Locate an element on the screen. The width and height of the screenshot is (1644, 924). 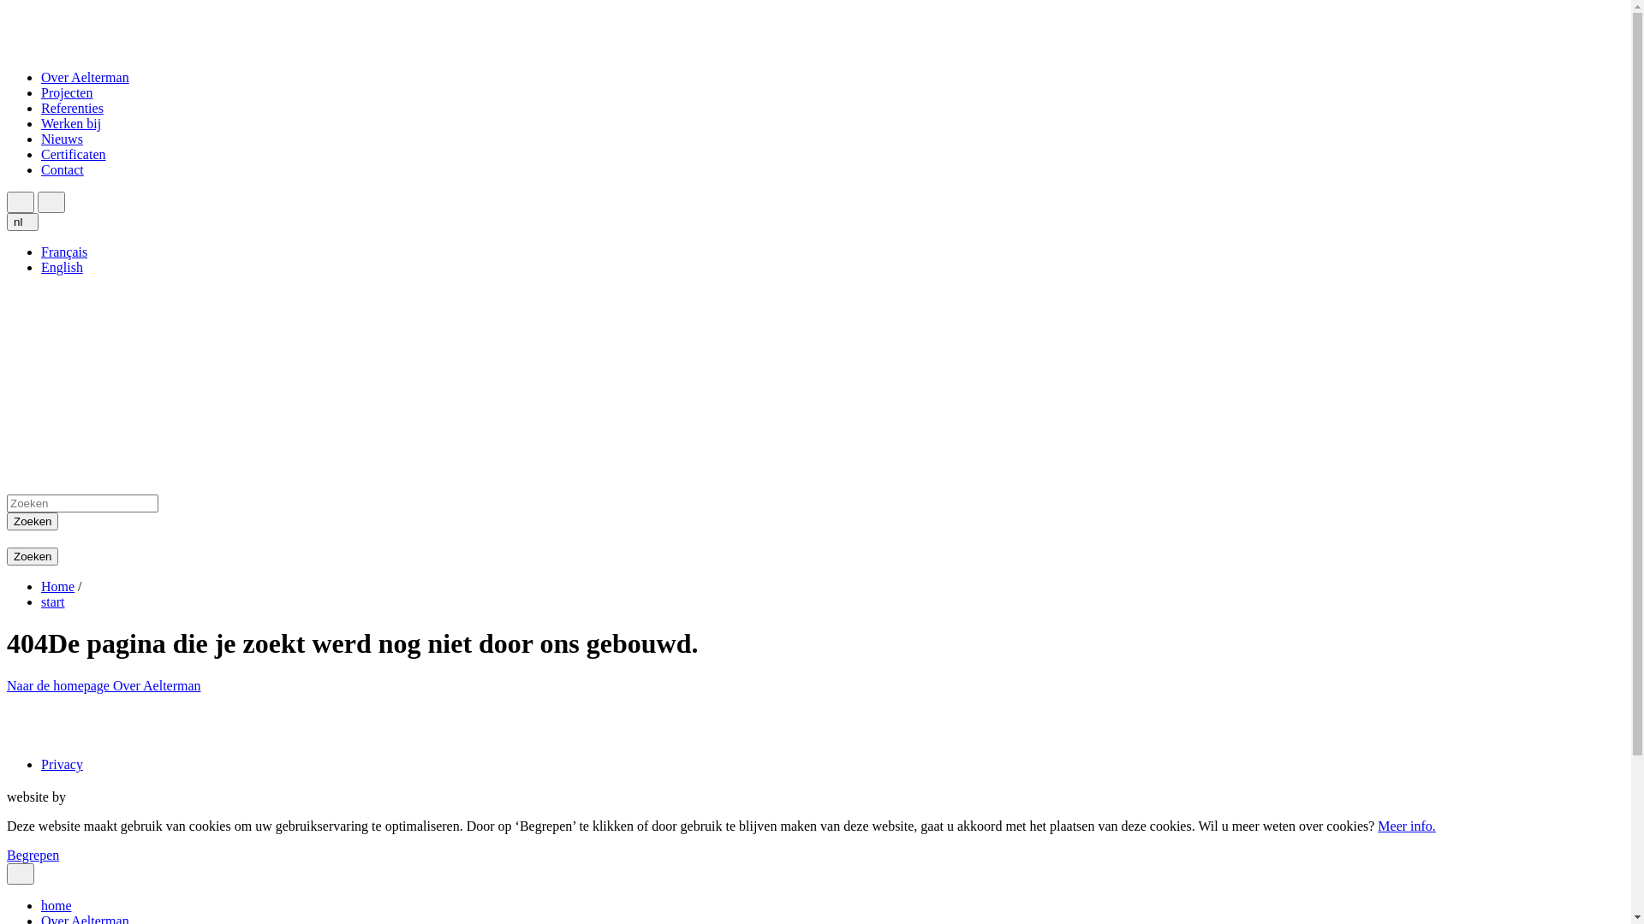
'start' is located at coordinates (53, 601).